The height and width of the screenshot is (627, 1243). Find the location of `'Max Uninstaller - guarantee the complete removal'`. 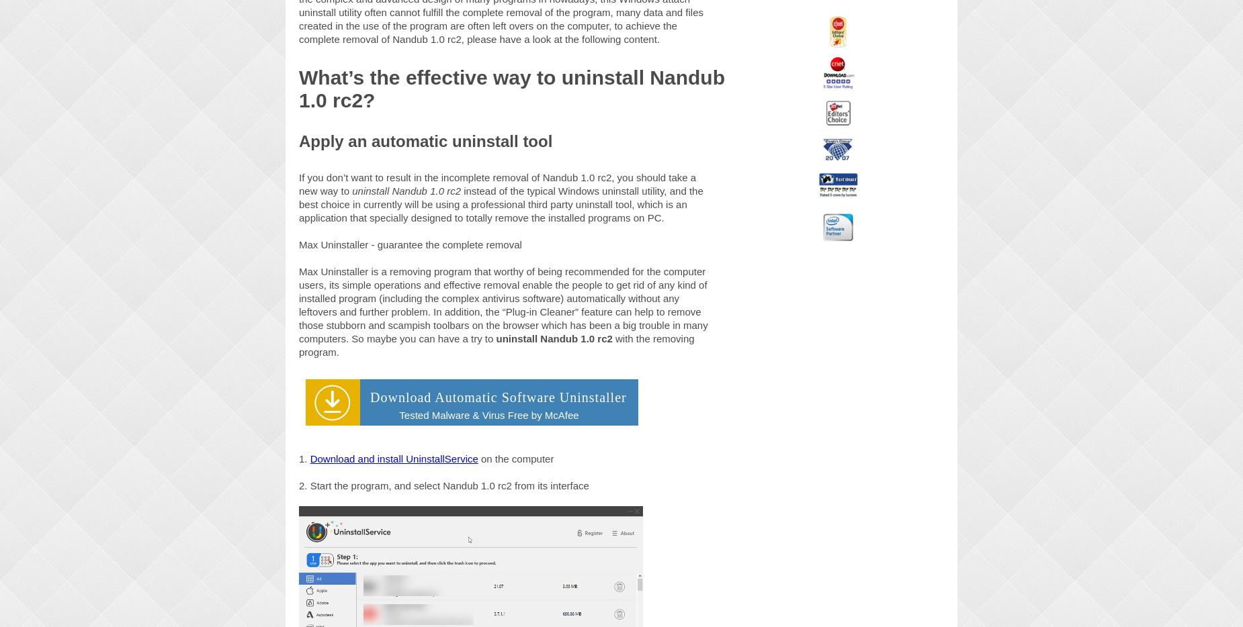

'Max Uninstaller - guarantee the complete removal' is located at coordinates (410, 244).